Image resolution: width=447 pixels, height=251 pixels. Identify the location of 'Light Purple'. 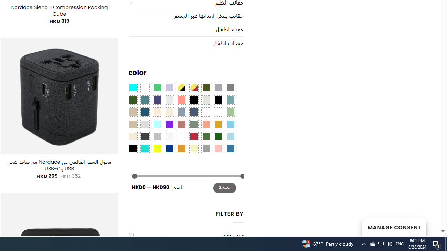
(169, 87).